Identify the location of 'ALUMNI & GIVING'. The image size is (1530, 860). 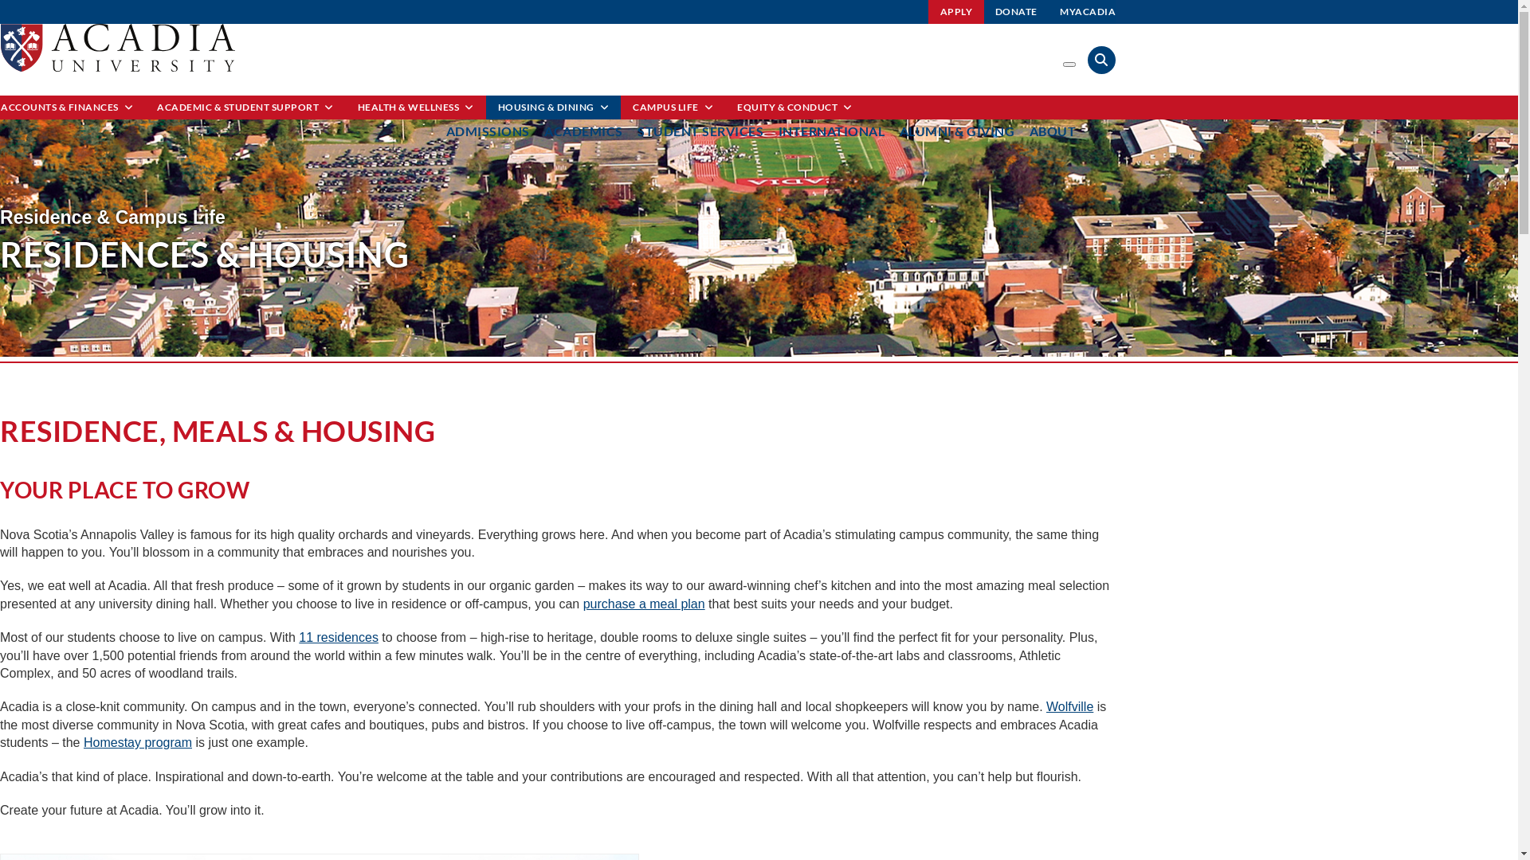
(956, 130).